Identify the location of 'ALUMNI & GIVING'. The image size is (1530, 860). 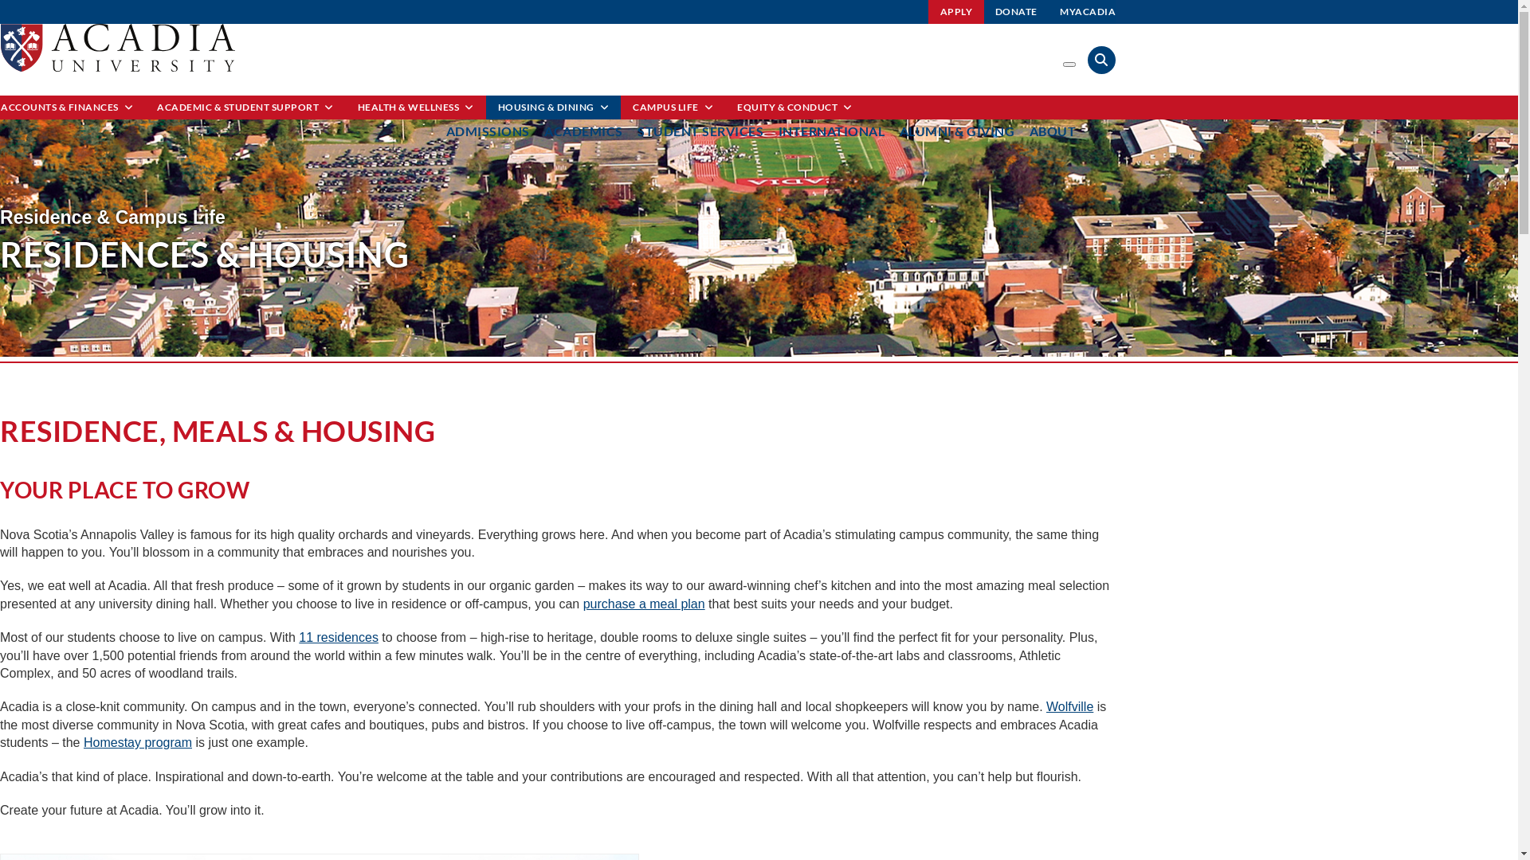
(956, 130).